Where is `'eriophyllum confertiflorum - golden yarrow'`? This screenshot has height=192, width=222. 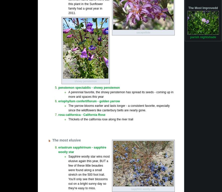
'eriophyllum confertiflorum - golden yarrow' is located at coordinates (89, 101).